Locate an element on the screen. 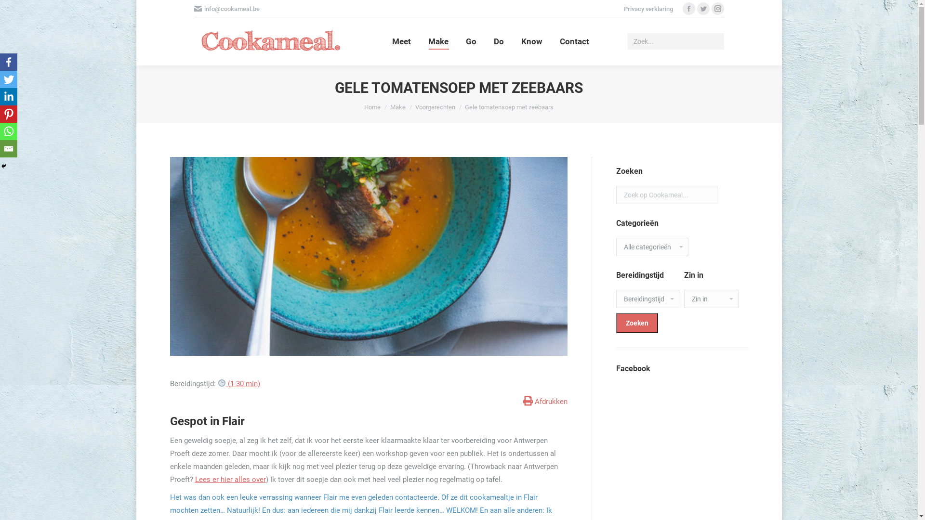  'Linkedin' is located at coordinates (9, 96).